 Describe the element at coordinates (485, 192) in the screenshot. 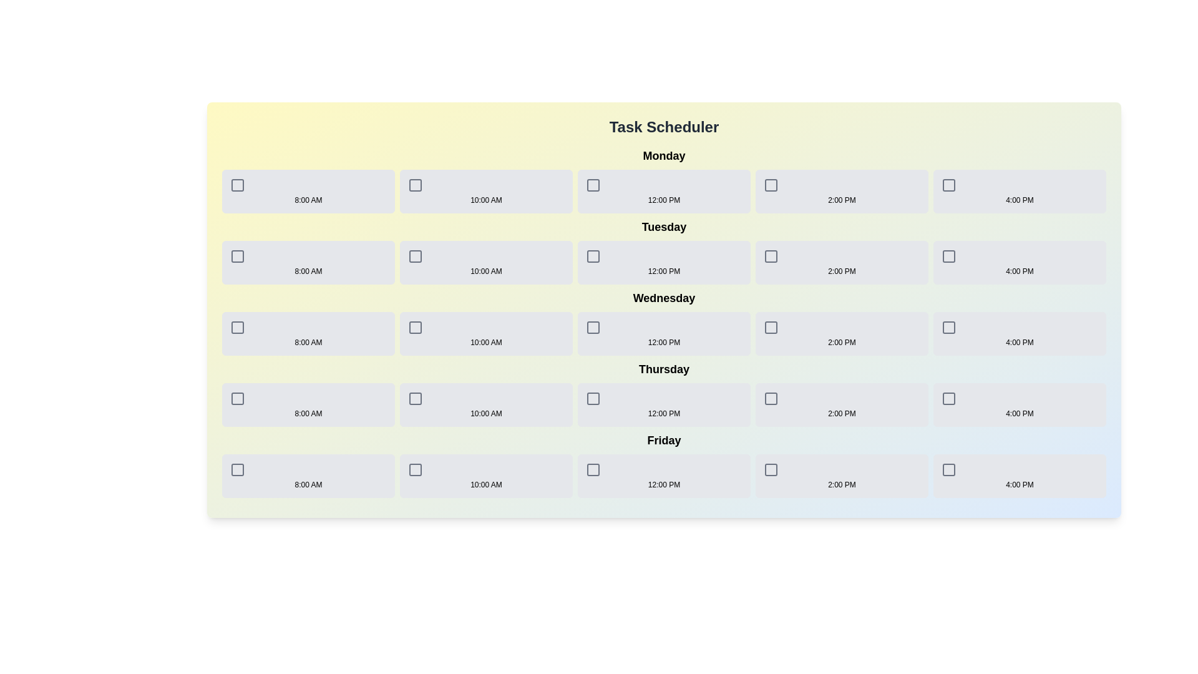

I see `the timeslot for Monday at 10:00 AM` at that location.